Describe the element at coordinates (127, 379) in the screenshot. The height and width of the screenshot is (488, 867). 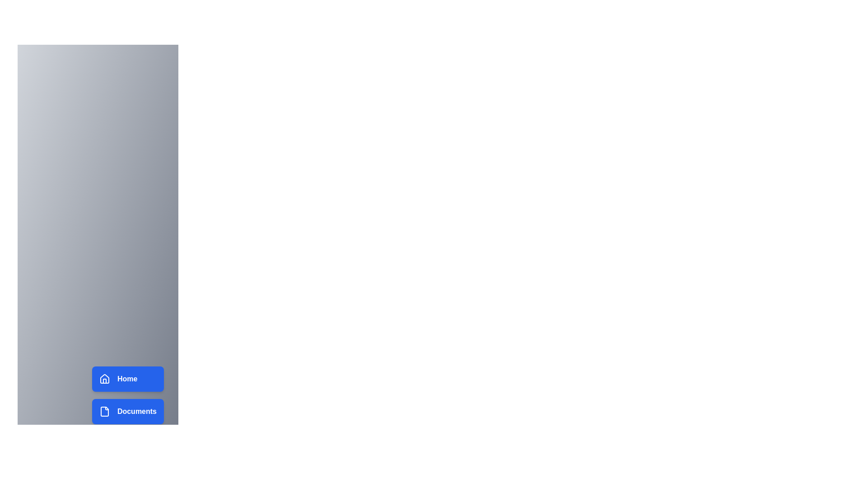
I see `the navigational button at the top of the column` at that location.